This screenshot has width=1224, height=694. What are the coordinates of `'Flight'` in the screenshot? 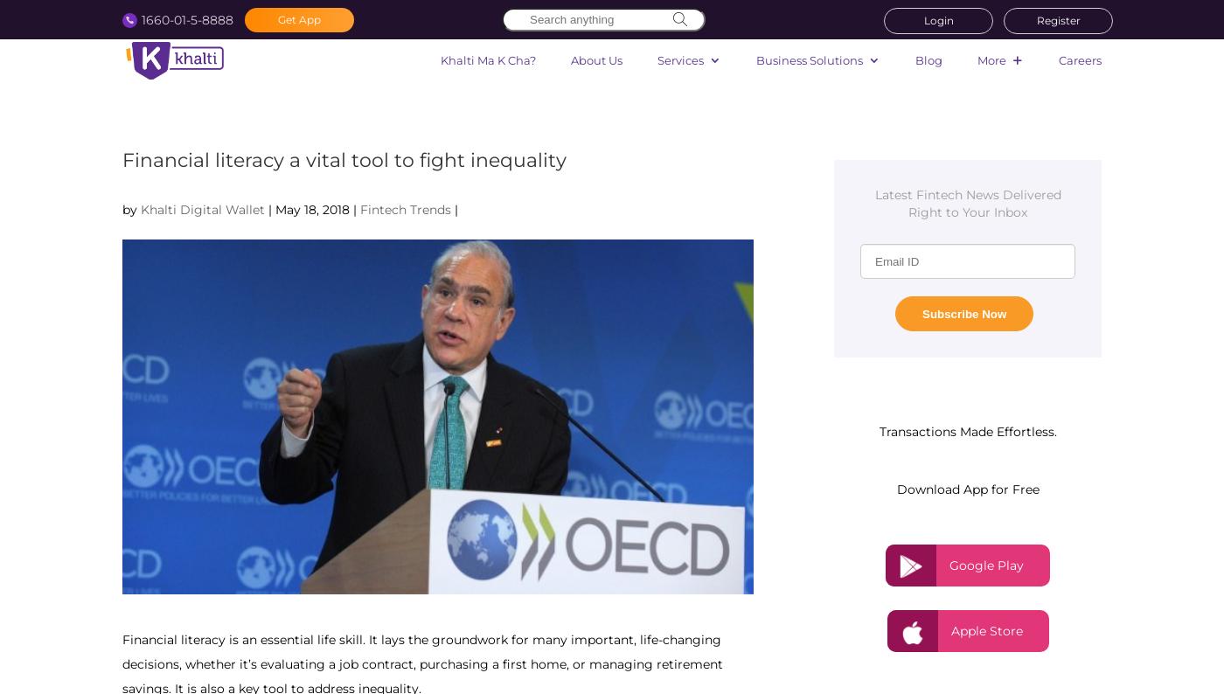 It's located at (689, 385).